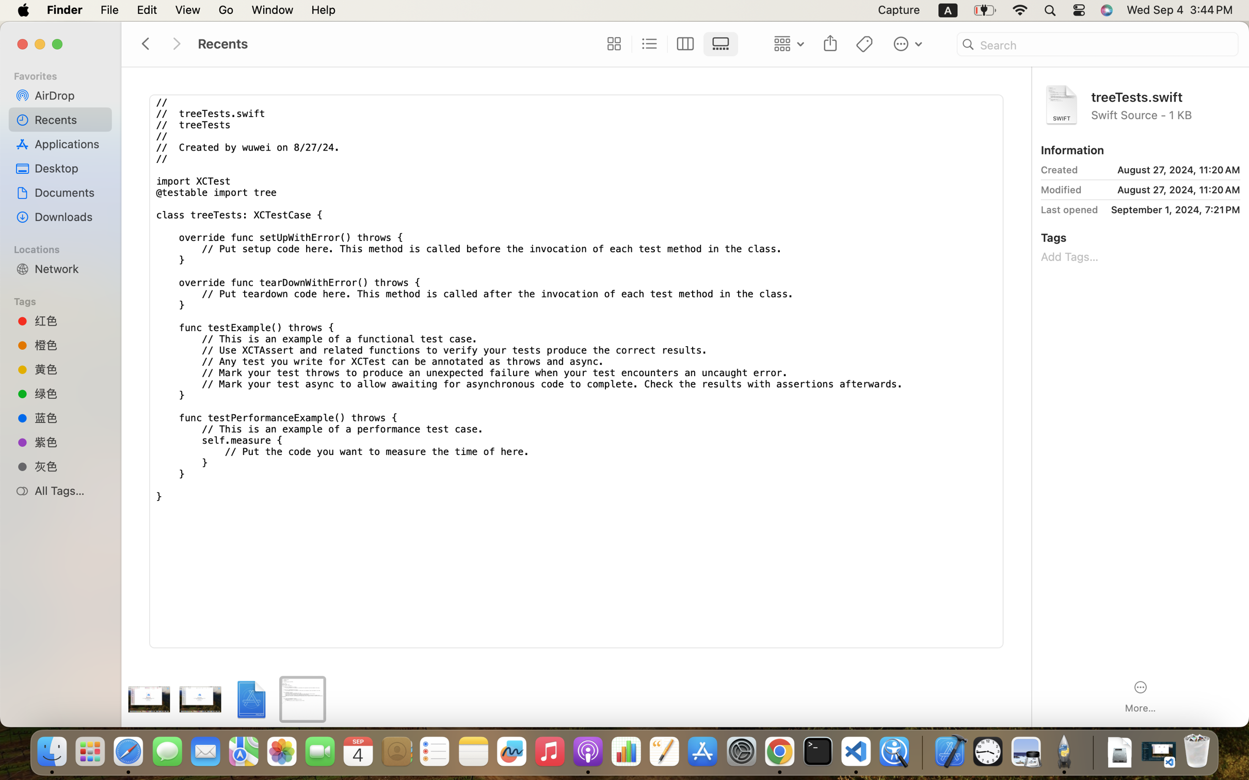 The height and width of the screenshot is (780, 1249). Describe the element at coordinates (69, 345) in the screenshot. I see `'橙色'` at that location.